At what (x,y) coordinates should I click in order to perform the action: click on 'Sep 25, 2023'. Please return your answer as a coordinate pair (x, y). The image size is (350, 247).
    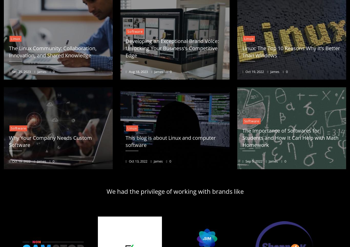
    Looking at the image, I should click on (21, 71).